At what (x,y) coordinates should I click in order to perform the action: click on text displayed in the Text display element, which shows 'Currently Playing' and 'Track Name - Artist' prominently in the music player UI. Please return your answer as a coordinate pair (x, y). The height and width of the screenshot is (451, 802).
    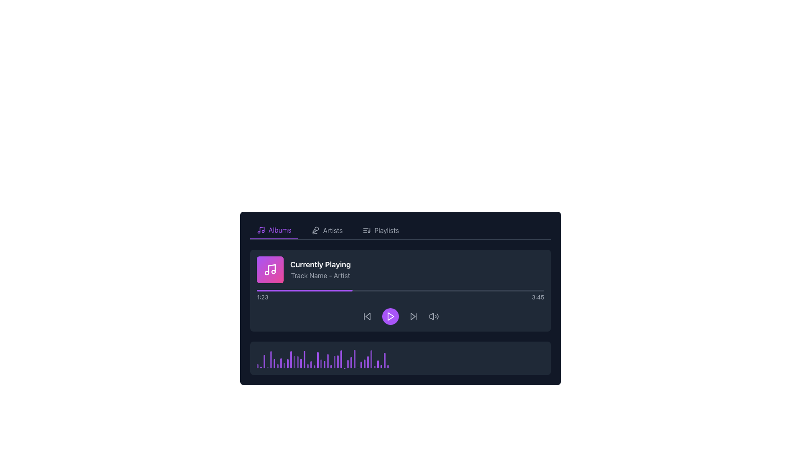
    Looking at the image, I should click on (320, 269).